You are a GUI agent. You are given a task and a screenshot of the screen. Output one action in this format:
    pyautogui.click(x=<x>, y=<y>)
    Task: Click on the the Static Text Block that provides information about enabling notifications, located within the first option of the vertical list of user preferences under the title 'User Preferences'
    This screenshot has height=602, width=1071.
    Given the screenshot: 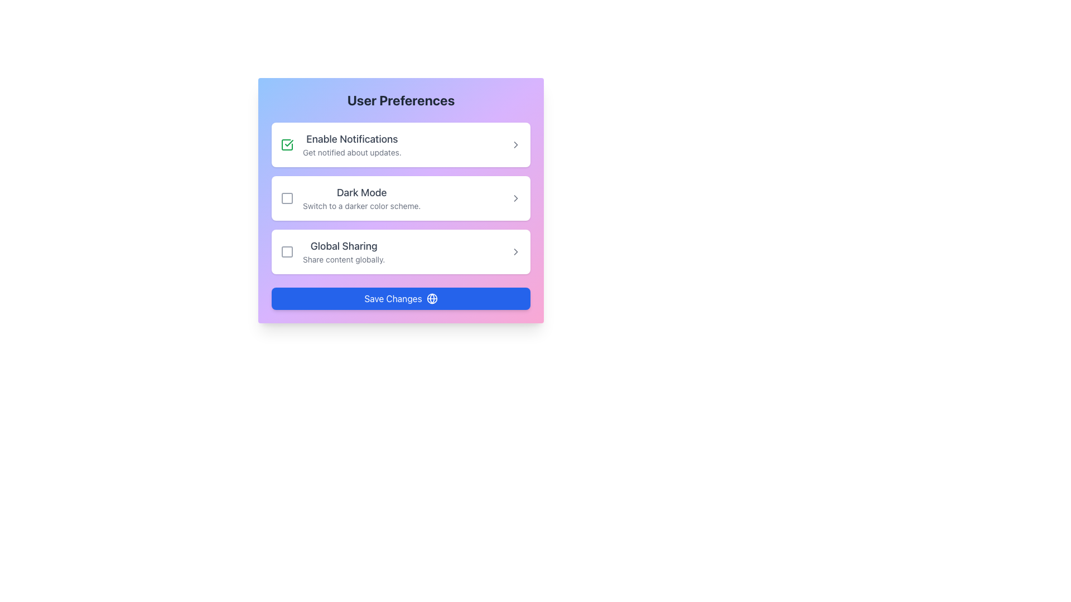 What is the action you would take?
    pyautogui.click(x=351, y=144)
    